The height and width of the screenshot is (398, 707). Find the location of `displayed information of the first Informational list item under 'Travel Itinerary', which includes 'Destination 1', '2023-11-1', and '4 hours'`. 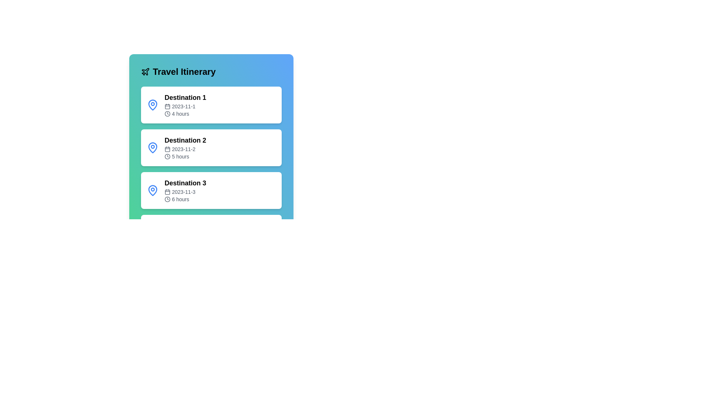

displayed information of the first Informational list item under 'Travel Itinerary', which includes 'Destination 1', '2023-11-1', and '4 hours' is located at coordinates (185, 105).